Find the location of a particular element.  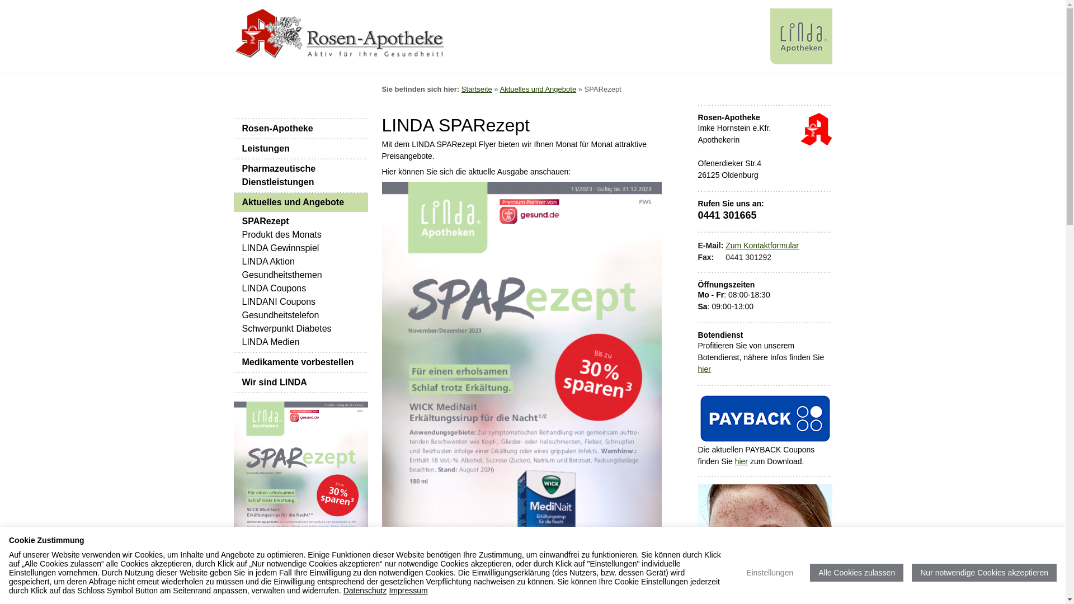

'Pharmazeutische Dienstleistungen' is located at coordinates (300, 175).